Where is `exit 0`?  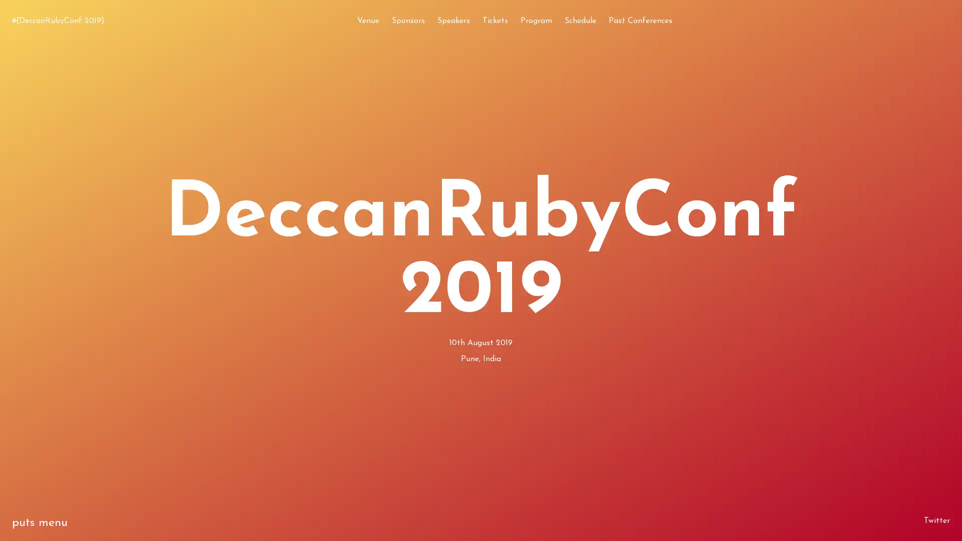
exit 0 is located at coordinates (30, 489).